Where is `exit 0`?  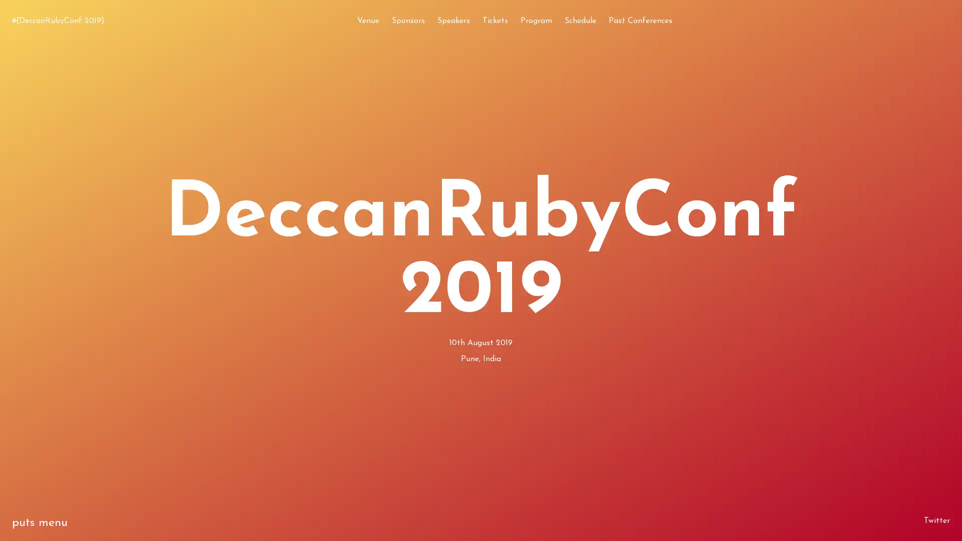
exit 0 is located at coordinates (30, 489).